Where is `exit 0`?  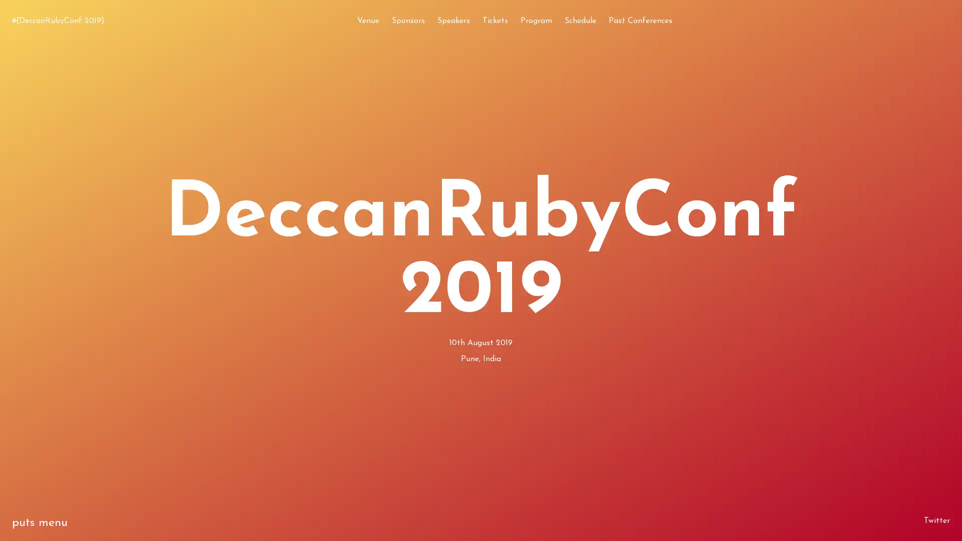
exit 0 is located at coordinates (30, 489).